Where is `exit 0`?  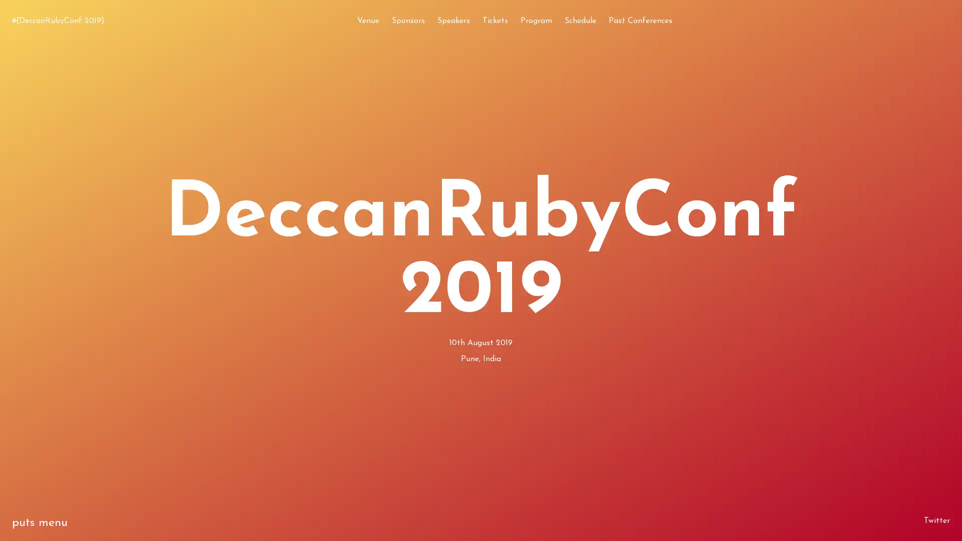
exit 0 is located at coordinates (30, 489).